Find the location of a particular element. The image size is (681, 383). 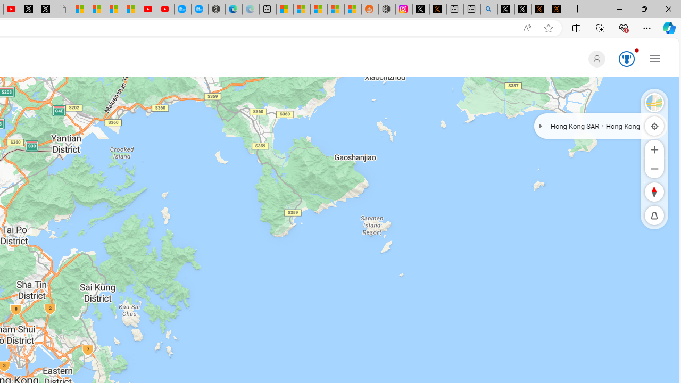

'help.x.com | 524: A timeout occurred' is located at coordinates (438, 9).